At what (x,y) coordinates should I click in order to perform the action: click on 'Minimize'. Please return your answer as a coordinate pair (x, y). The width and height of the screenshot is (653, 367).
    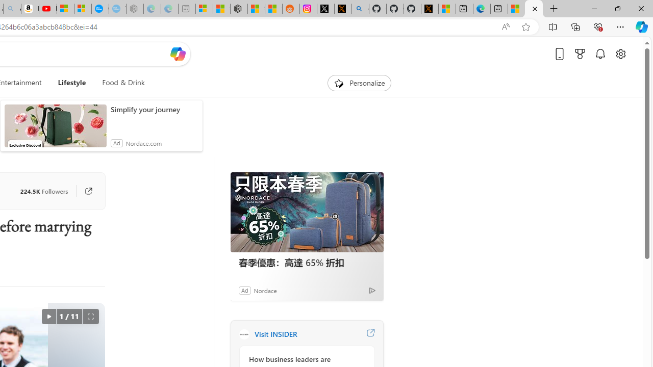
    Looking at the image, I should click on (594, 8).